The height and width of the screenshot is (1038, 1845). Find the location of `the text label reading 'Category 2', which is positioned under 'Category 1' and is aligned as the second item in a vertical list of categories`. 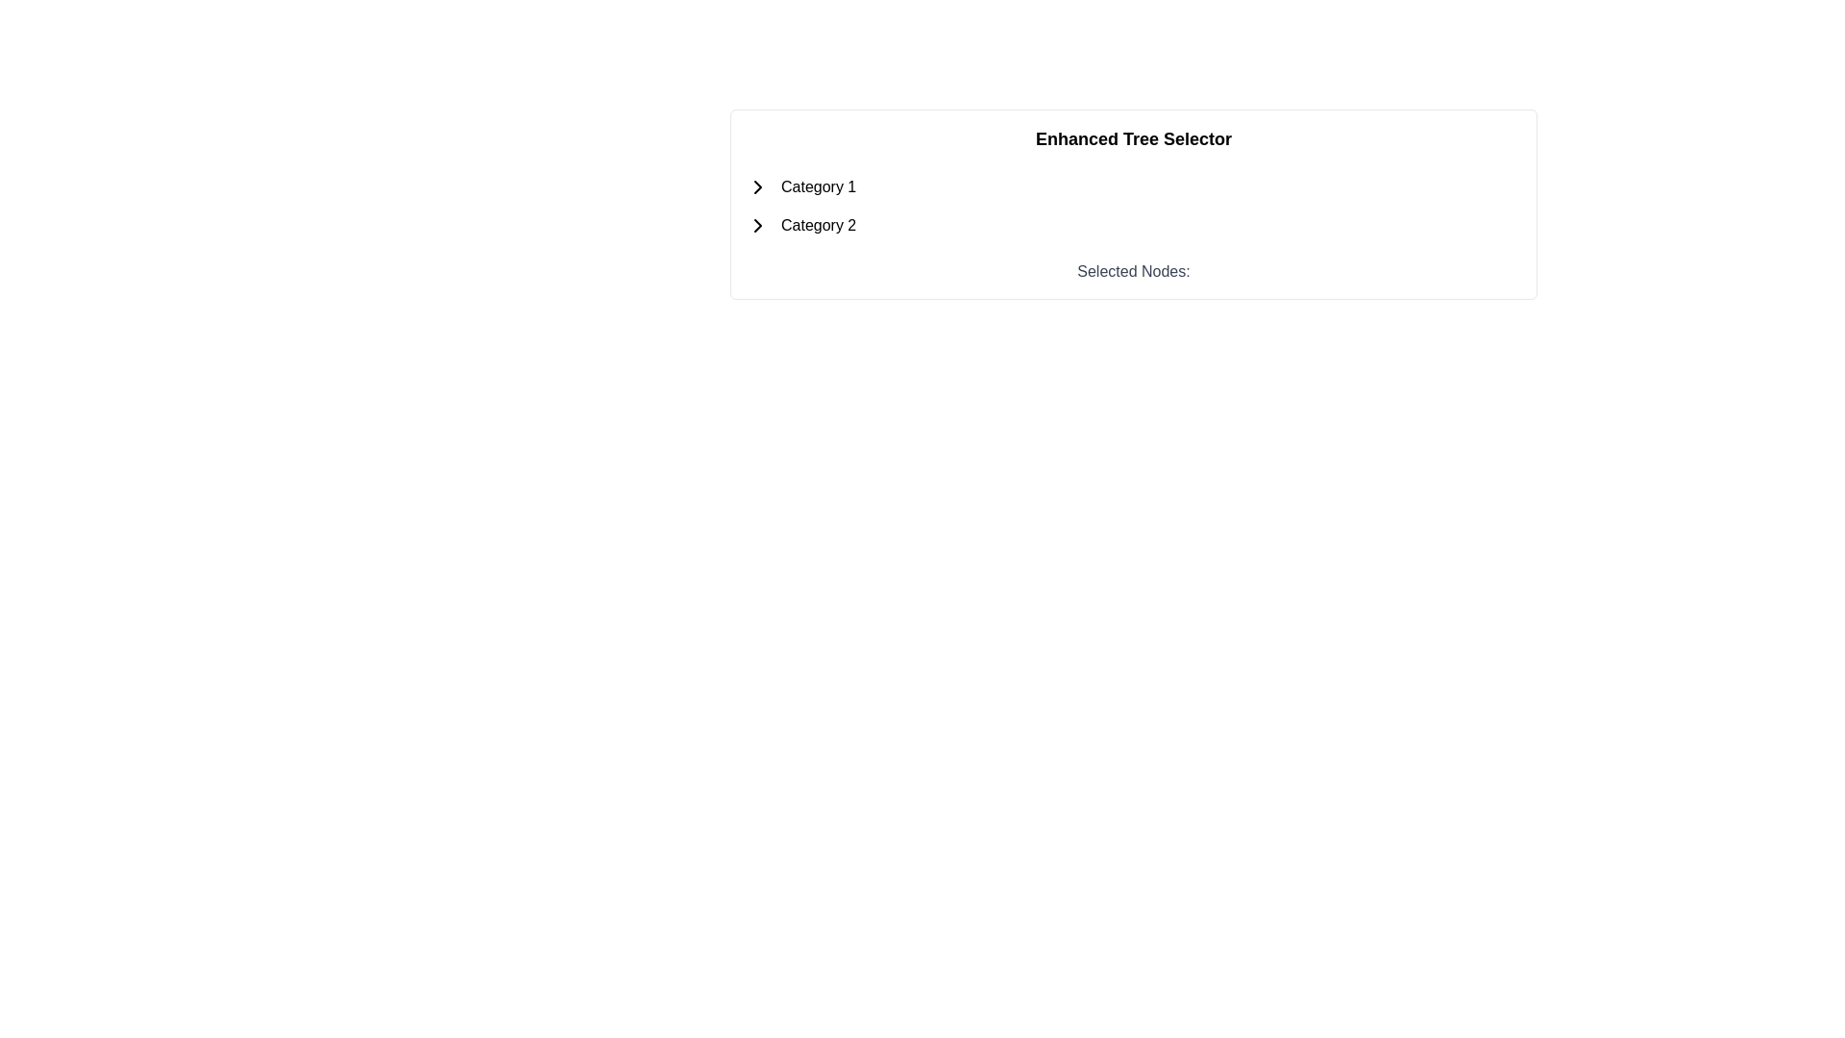

the text label reading 'Category 2', which is positioned under 'Category 1' and is aligned as the second item in a vertical list of categories is located at coordinates (819, 225).